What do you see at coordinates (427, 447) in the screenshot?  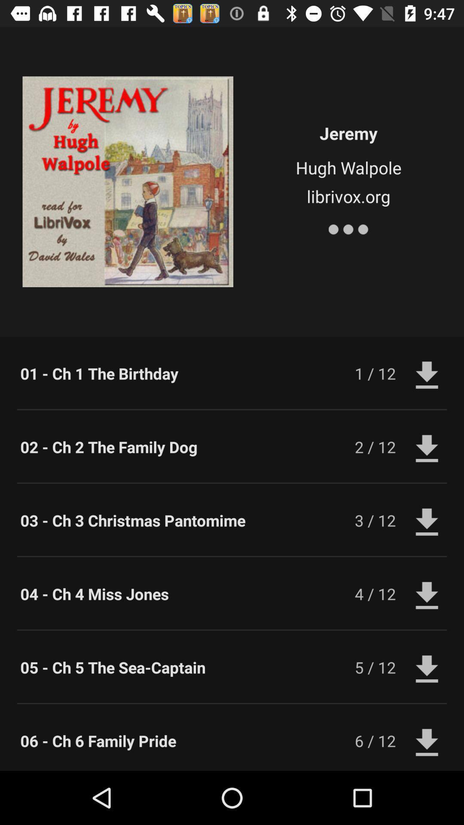 I see `the second download icon from the right top of the page` at bounding box center [427, 447].